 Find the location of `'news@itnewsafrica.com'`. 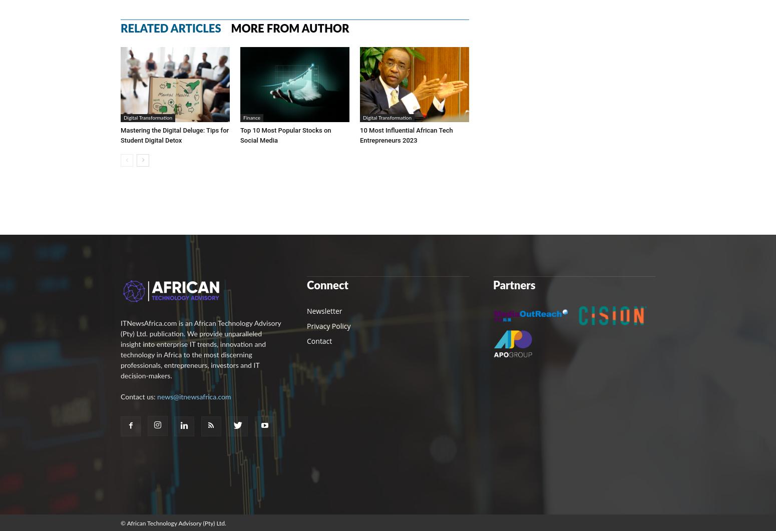

'news@itnewsafrica.com' is located at coordinates (193, 396).